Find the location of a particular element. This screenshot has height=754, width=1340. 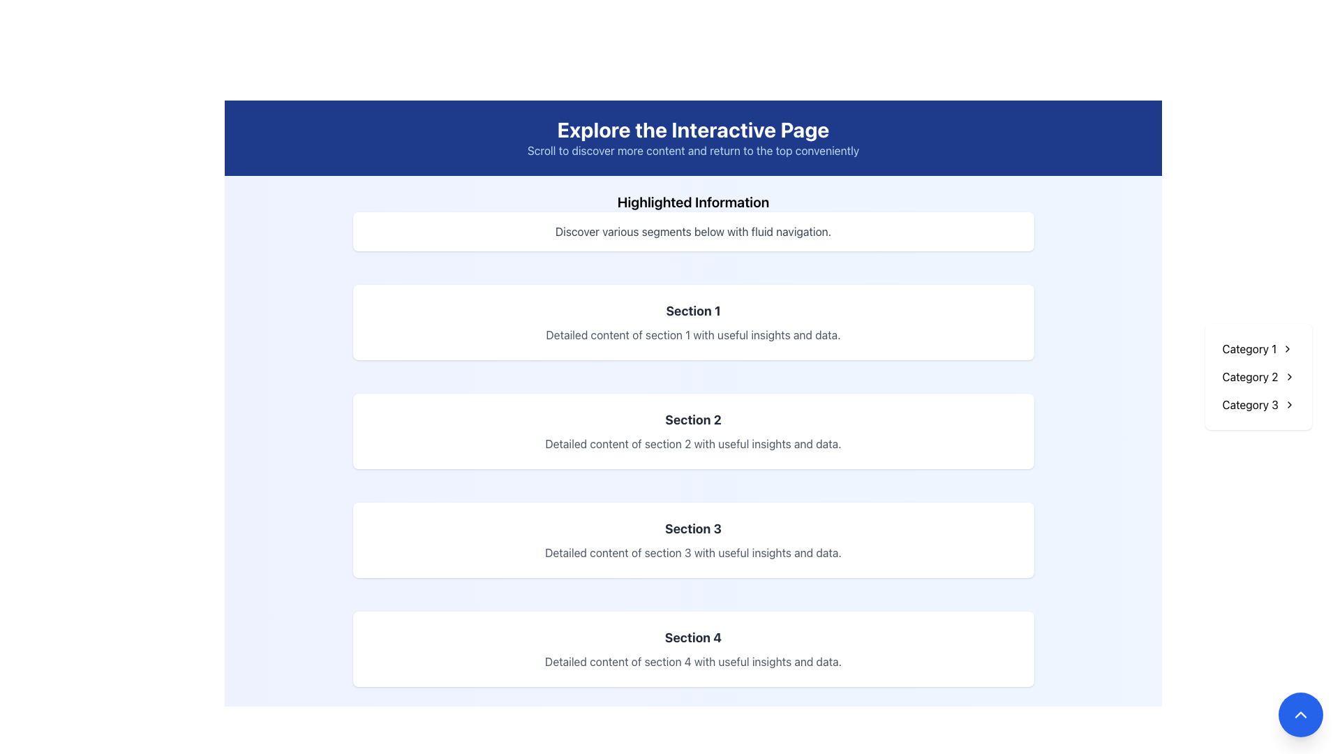

the static text component that provides additional details associated with the title 'Section 2', which is located at the center of the white card below the title is located at coordinates (693, 444).